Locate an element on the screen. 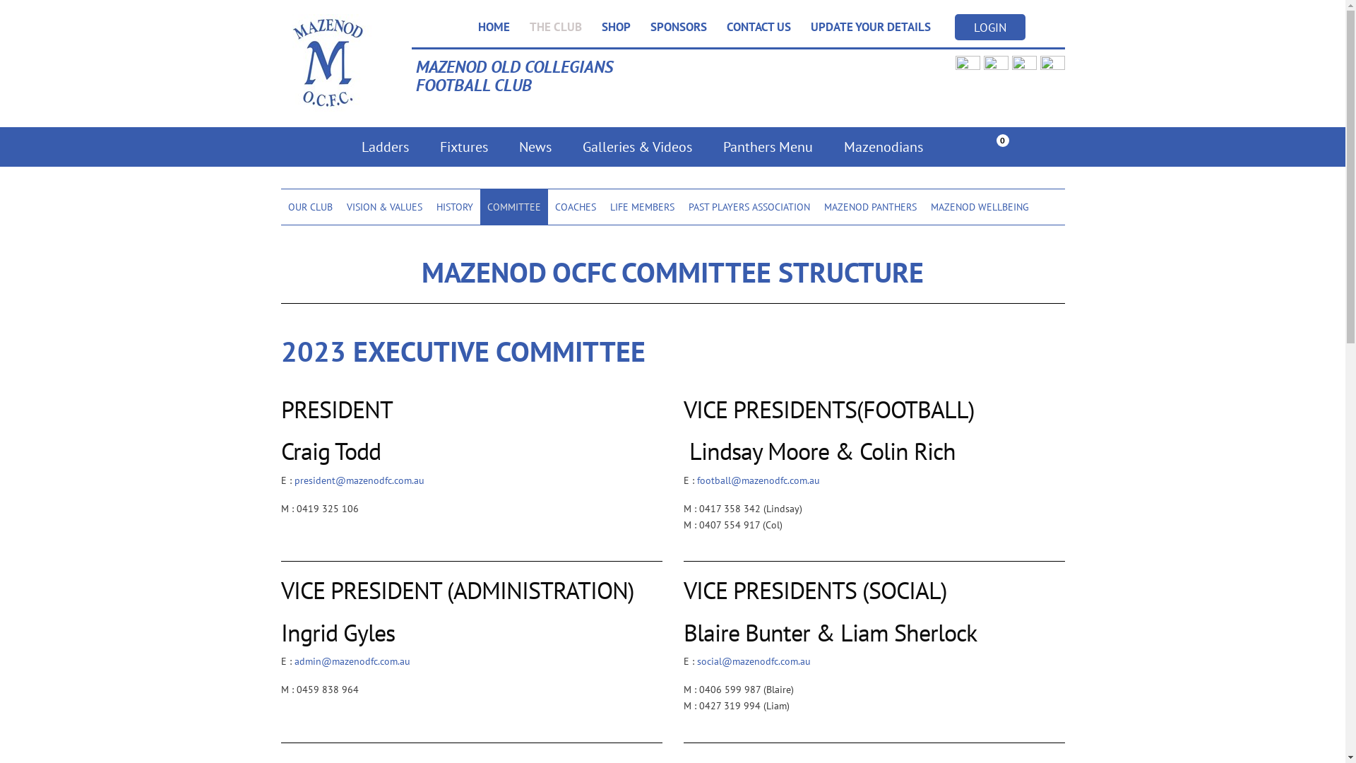 The height and width of the screenshot is (763, 1356). 'OUR CLUB' is located at coordinates (309, 207).